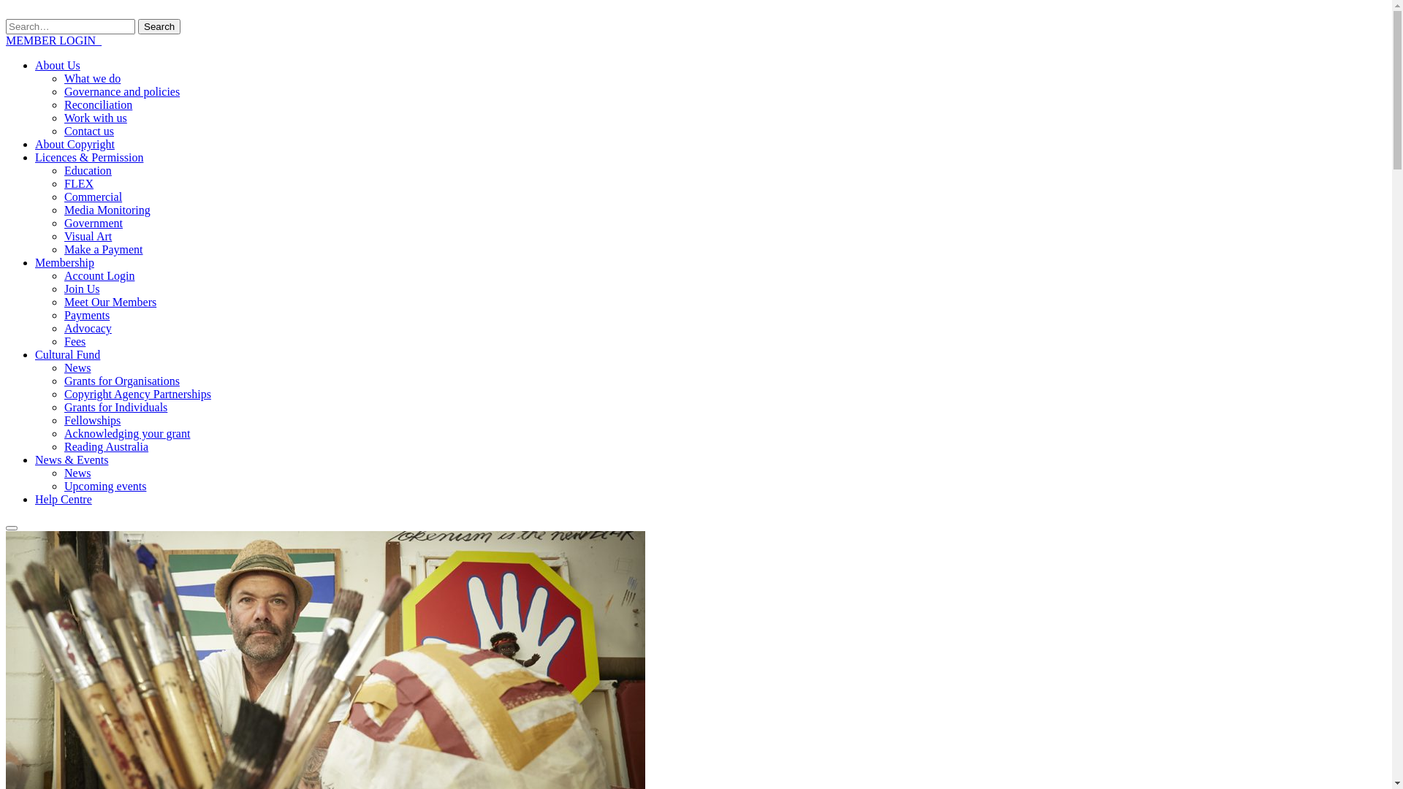 The height and width of the screenshot is (789, 1403). I want to click on 'Commercial', so click(92, 196).